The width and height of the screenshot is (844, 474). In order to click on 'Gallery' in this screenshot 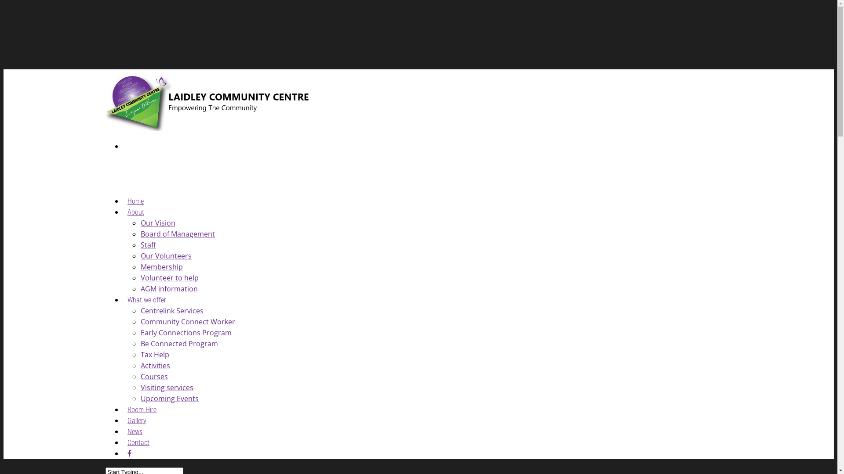, I will do `click(122, 422)`.